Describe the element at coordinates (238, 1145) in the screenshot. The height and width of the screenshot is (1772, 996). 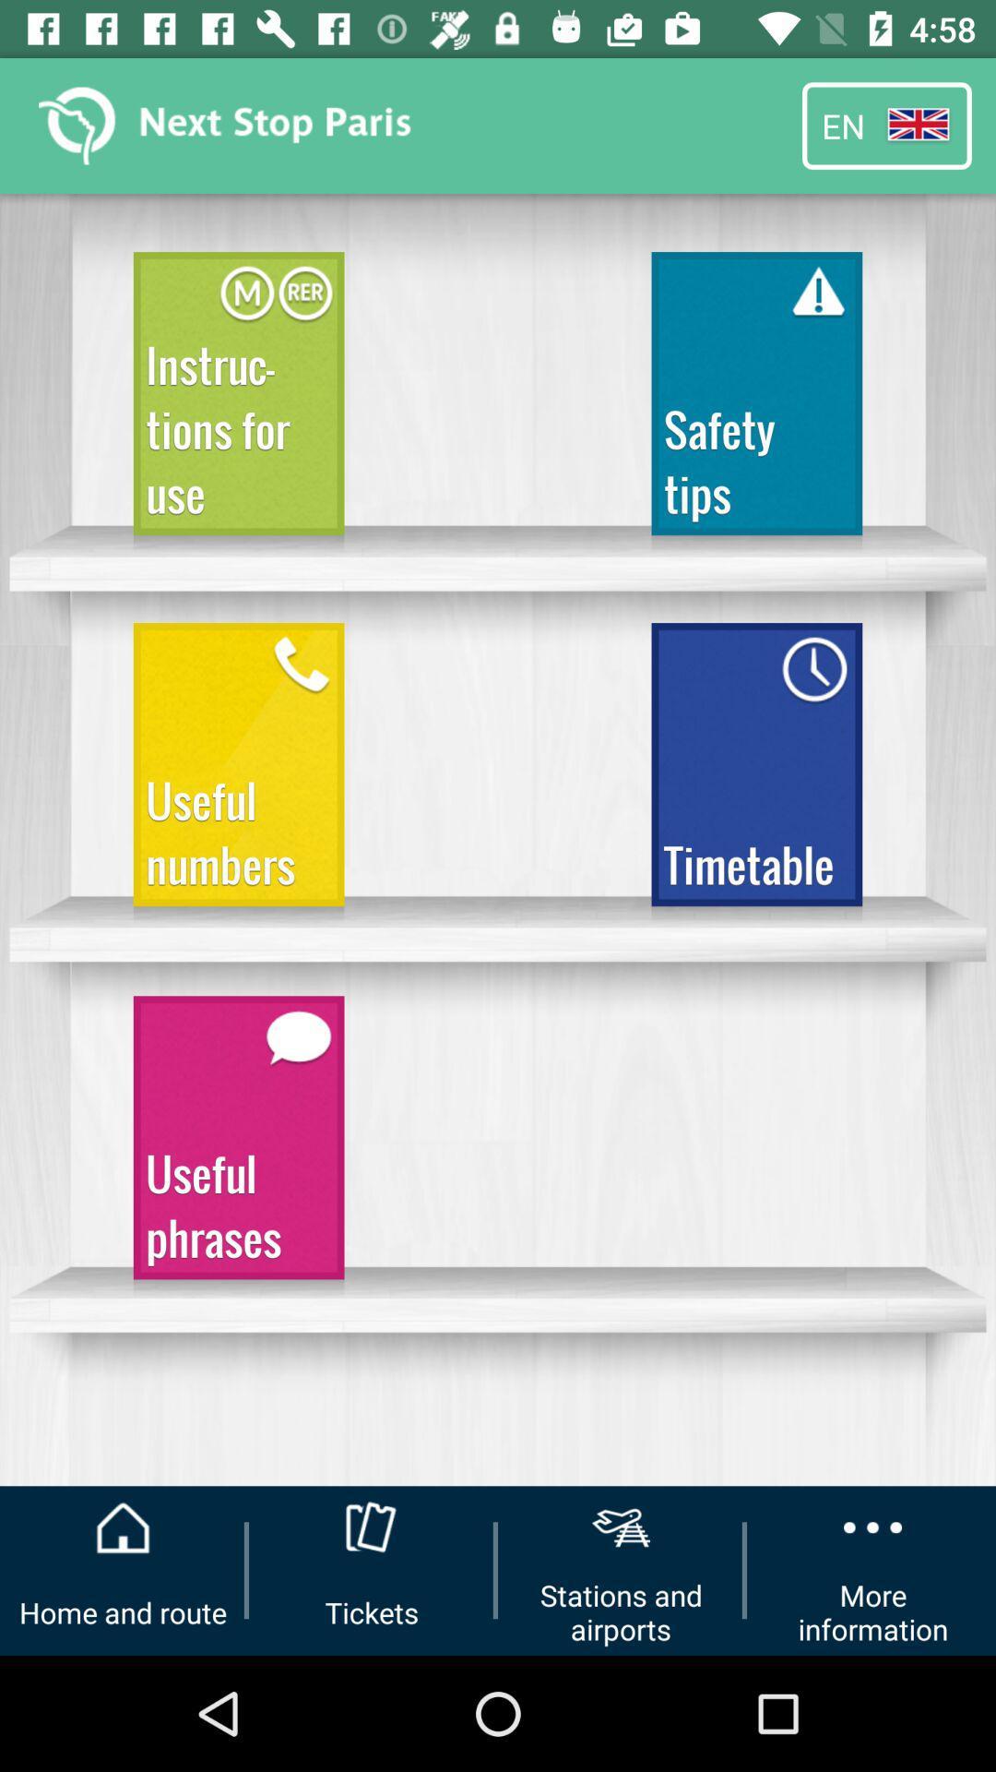
I see `icon below useful numbers icon` at that location.